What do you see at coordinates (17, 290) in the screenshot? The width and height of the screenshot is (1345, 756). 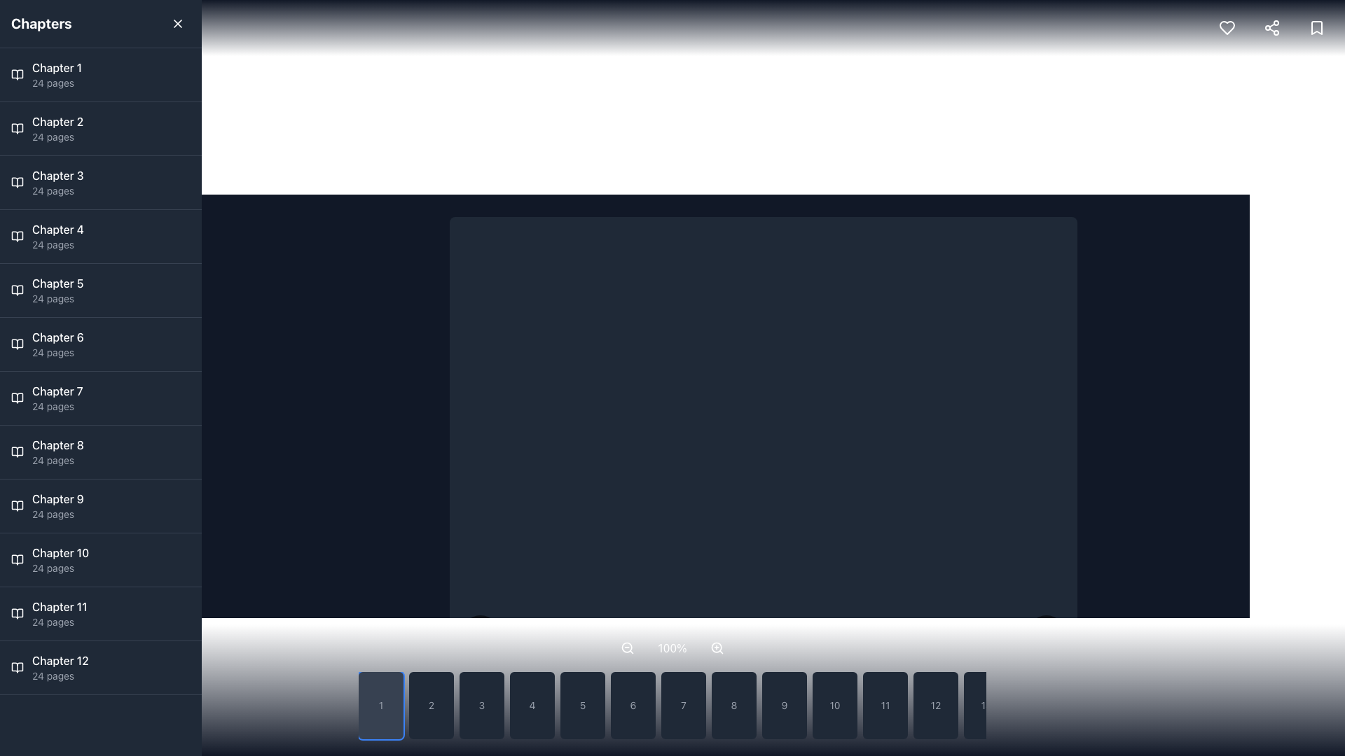 I see `the chapter icon located in the left panel adjacent to the text 'Chapter 5 24 pages'` at bounding box center [17, 290].